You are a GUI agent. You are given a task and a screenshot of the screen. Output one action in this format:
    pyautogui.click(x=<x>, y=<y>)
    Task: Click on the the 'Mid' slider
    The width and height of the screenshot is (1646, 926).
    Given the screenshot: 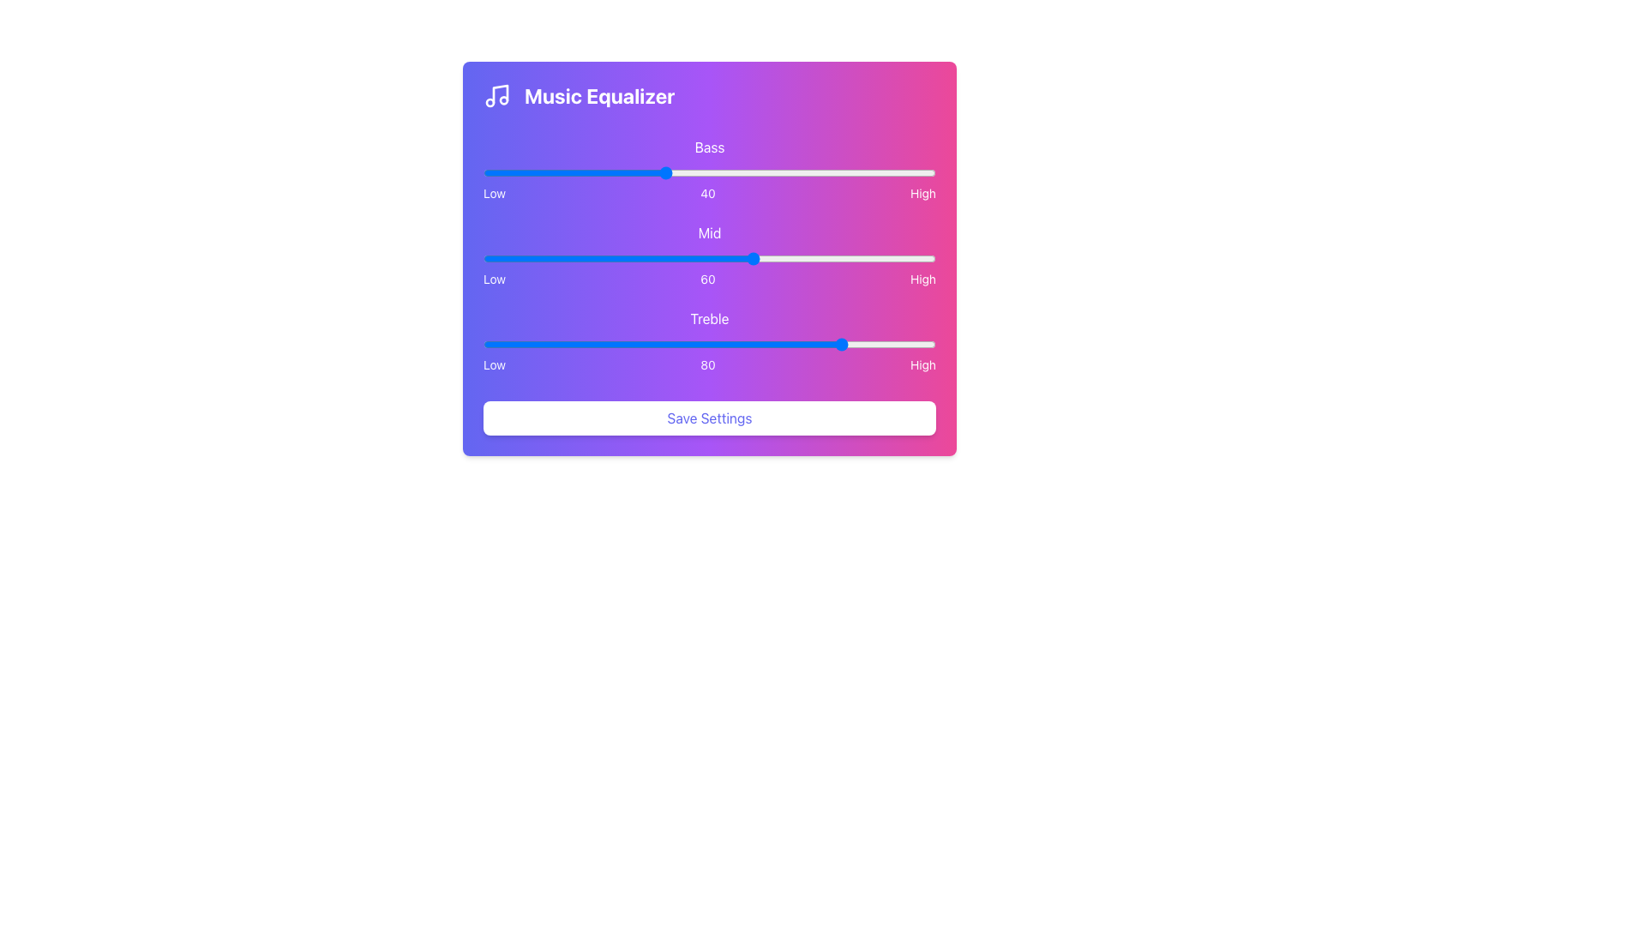 What is the action you would take?
    pyautogui.click(x=672, y=258)
    